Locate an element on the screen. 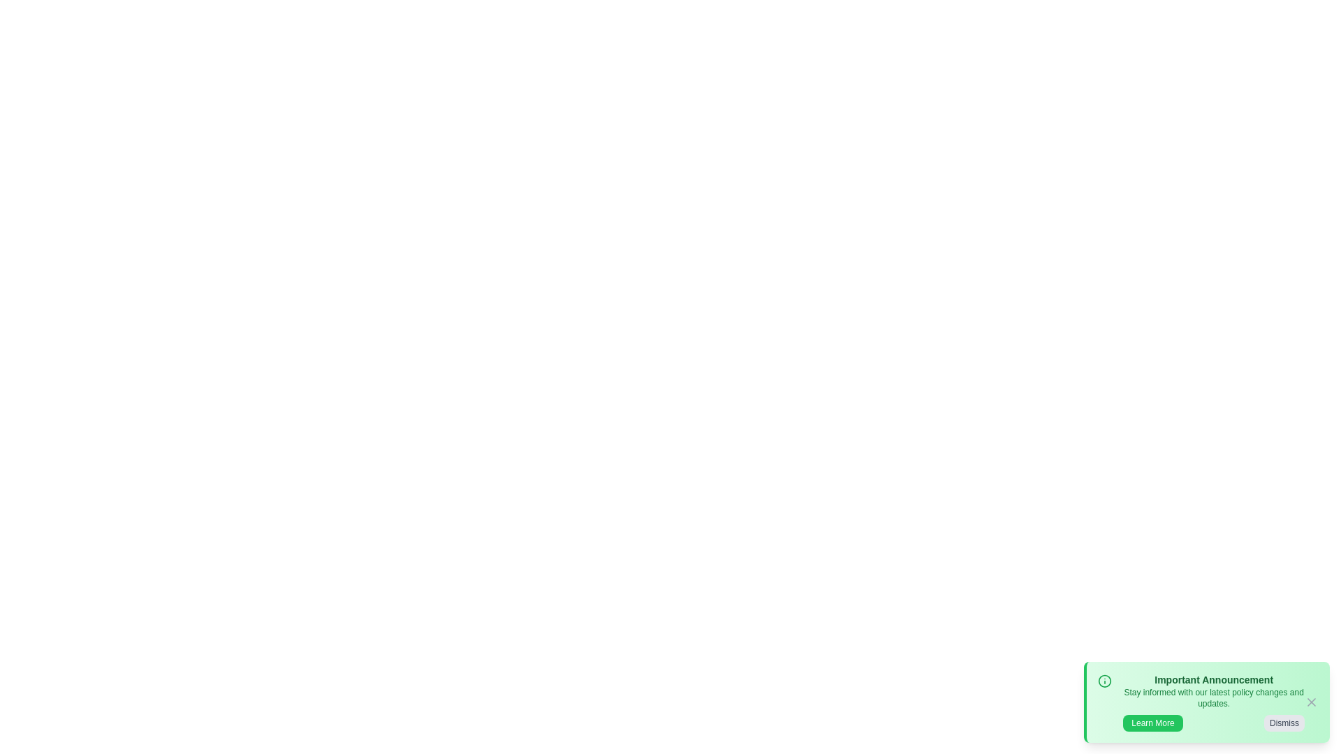 The image size is (1341, 754). the 'Dismiss' button to hide the announcement is located at coordinates (1284, 723).